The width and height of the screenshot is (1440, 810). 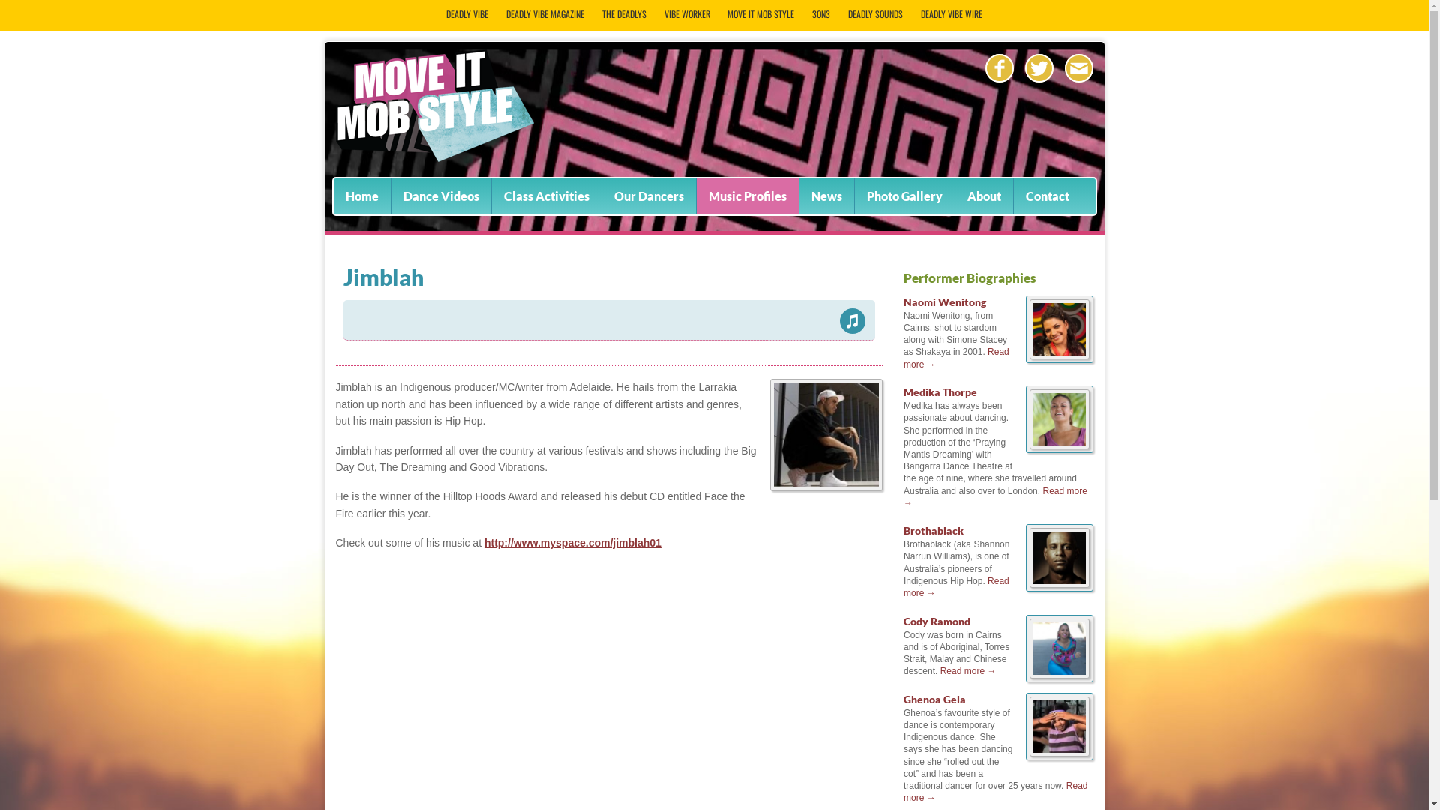 I want to click on 'Medika Thorpe', so click(x=902, y=391).